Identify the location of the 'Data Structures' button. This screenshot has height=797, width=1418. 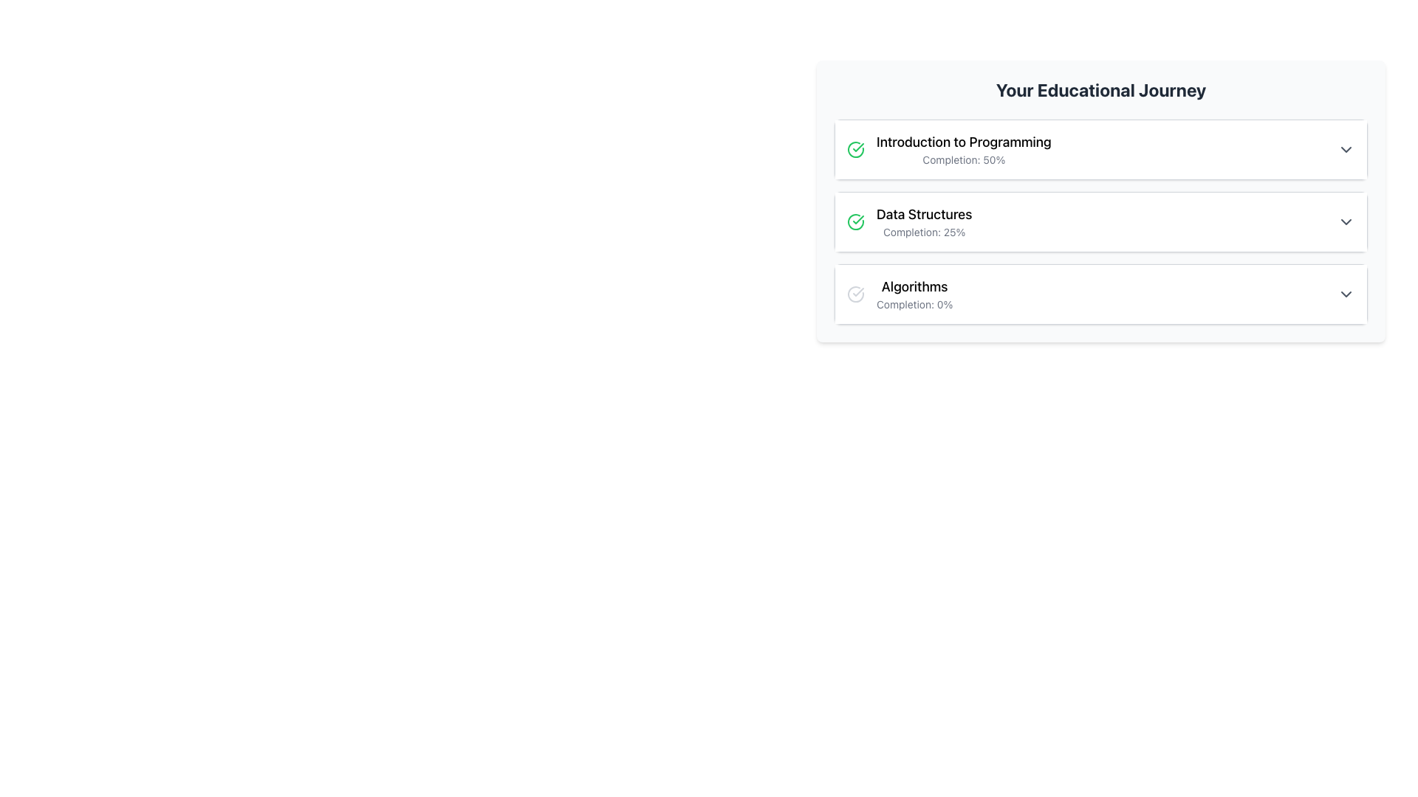
(1101, 221).